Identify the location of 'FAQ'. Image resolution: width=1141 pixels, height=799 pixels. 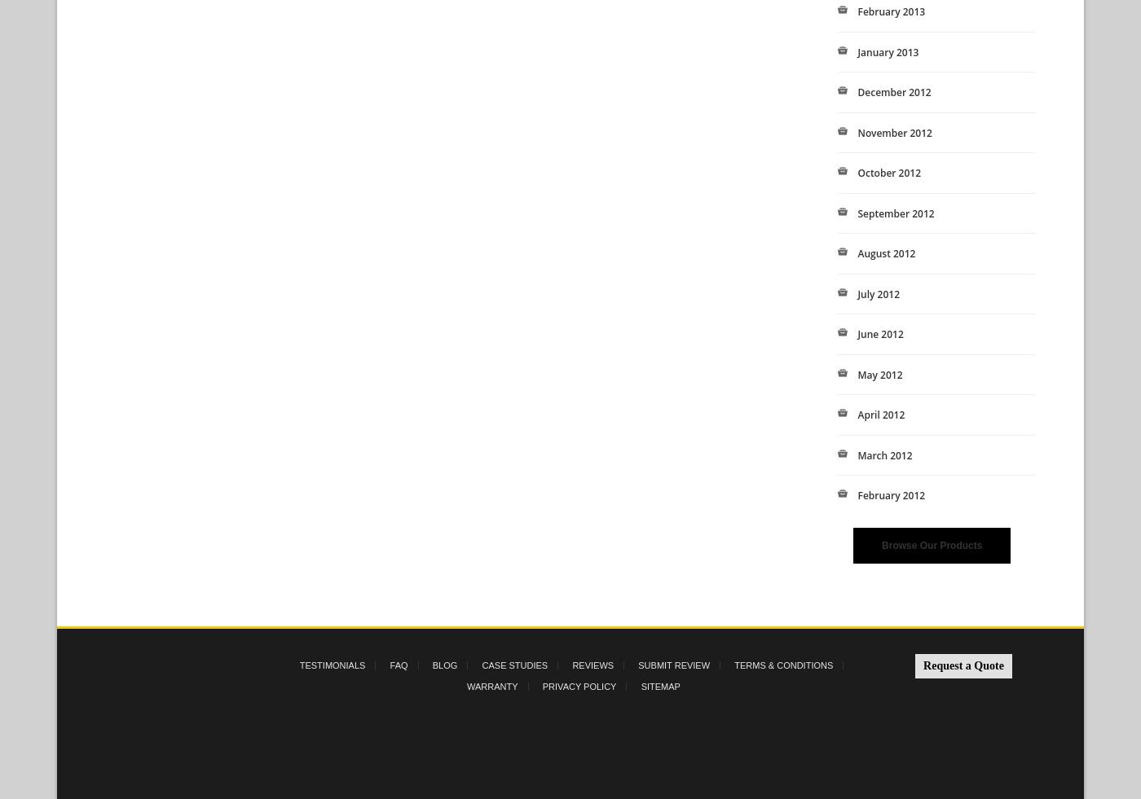
(399, 665).